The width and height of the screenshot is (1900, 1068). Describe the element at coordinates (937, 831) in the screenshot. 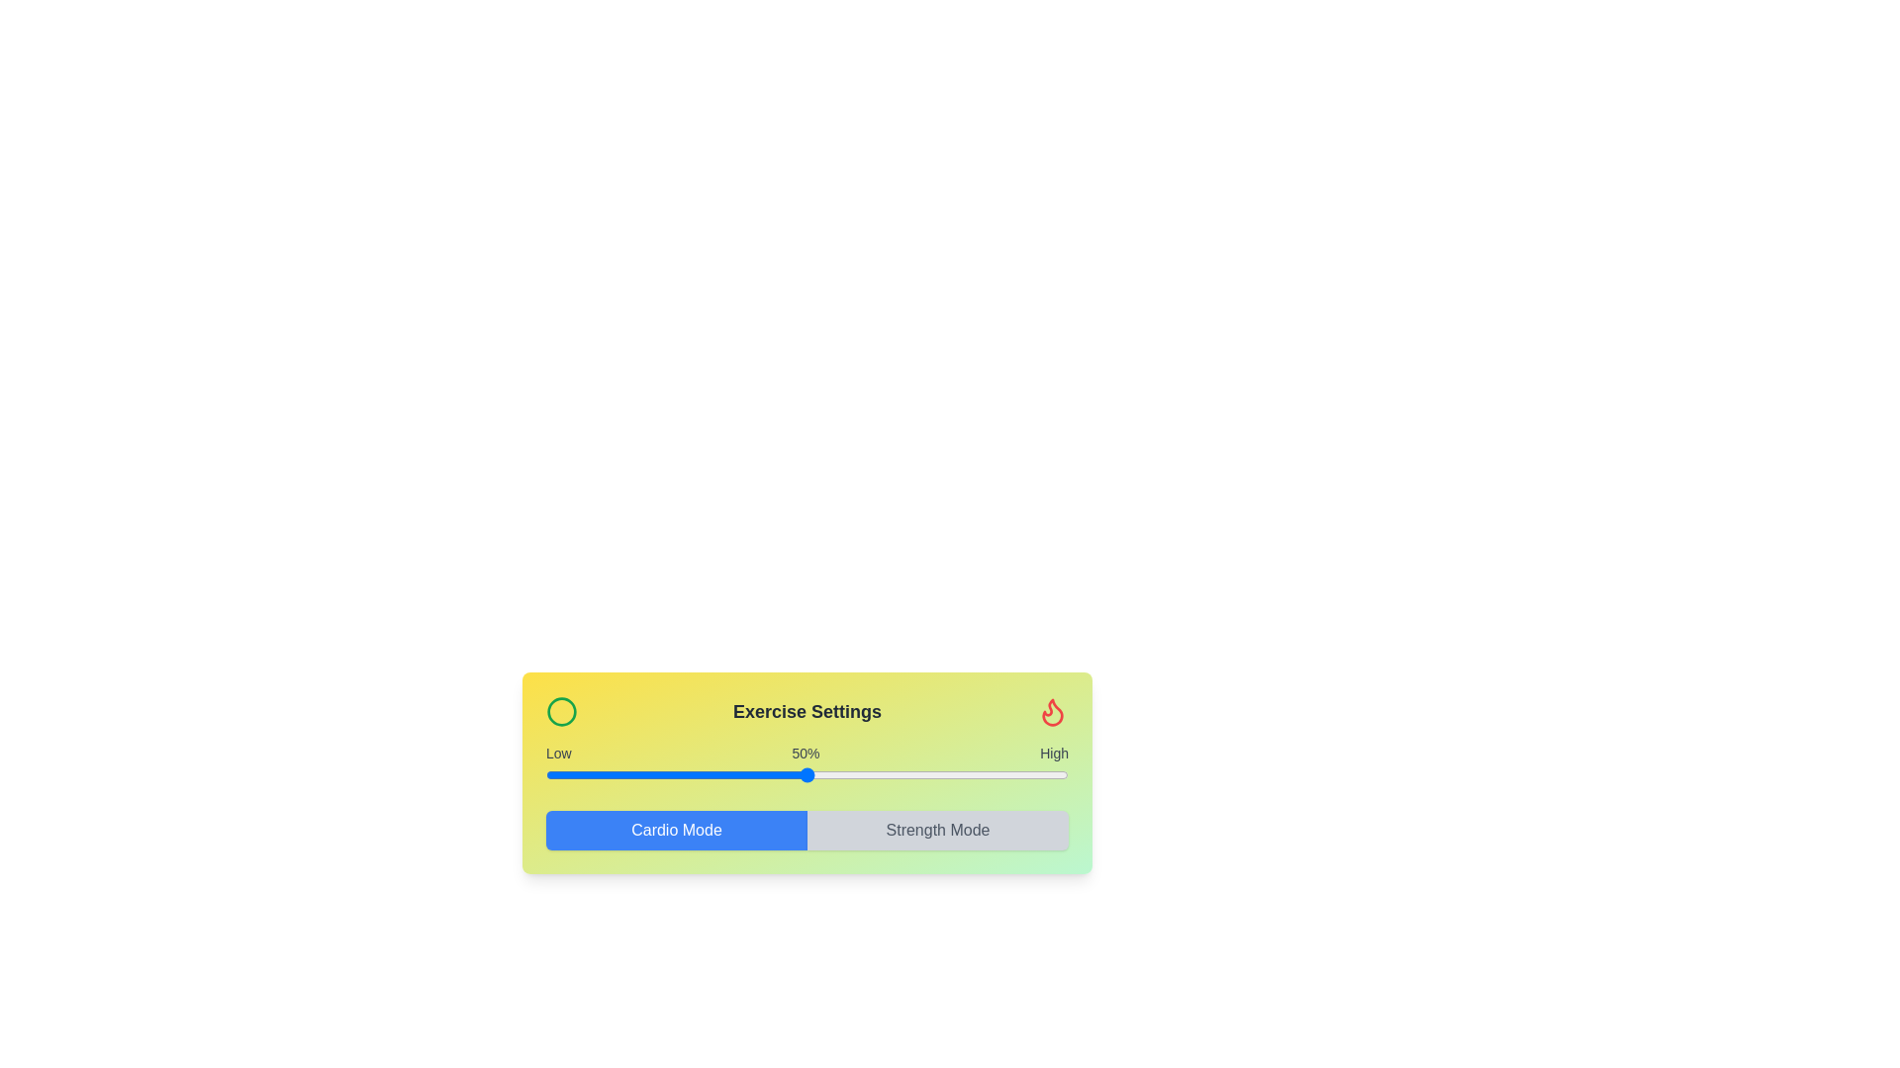

I see `the Strength Mode button to switch to Strength Mode` at that location.